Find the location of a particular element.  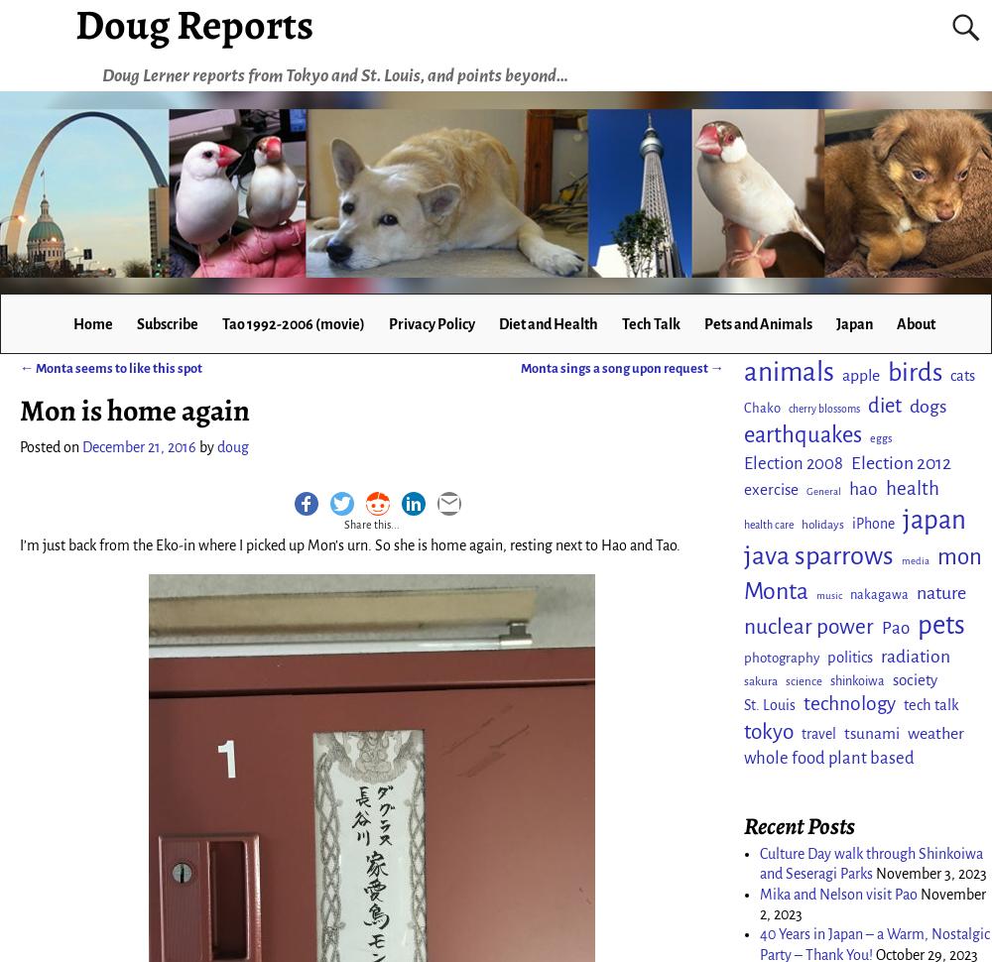

'Chako' is located at coordinates (762, 407).